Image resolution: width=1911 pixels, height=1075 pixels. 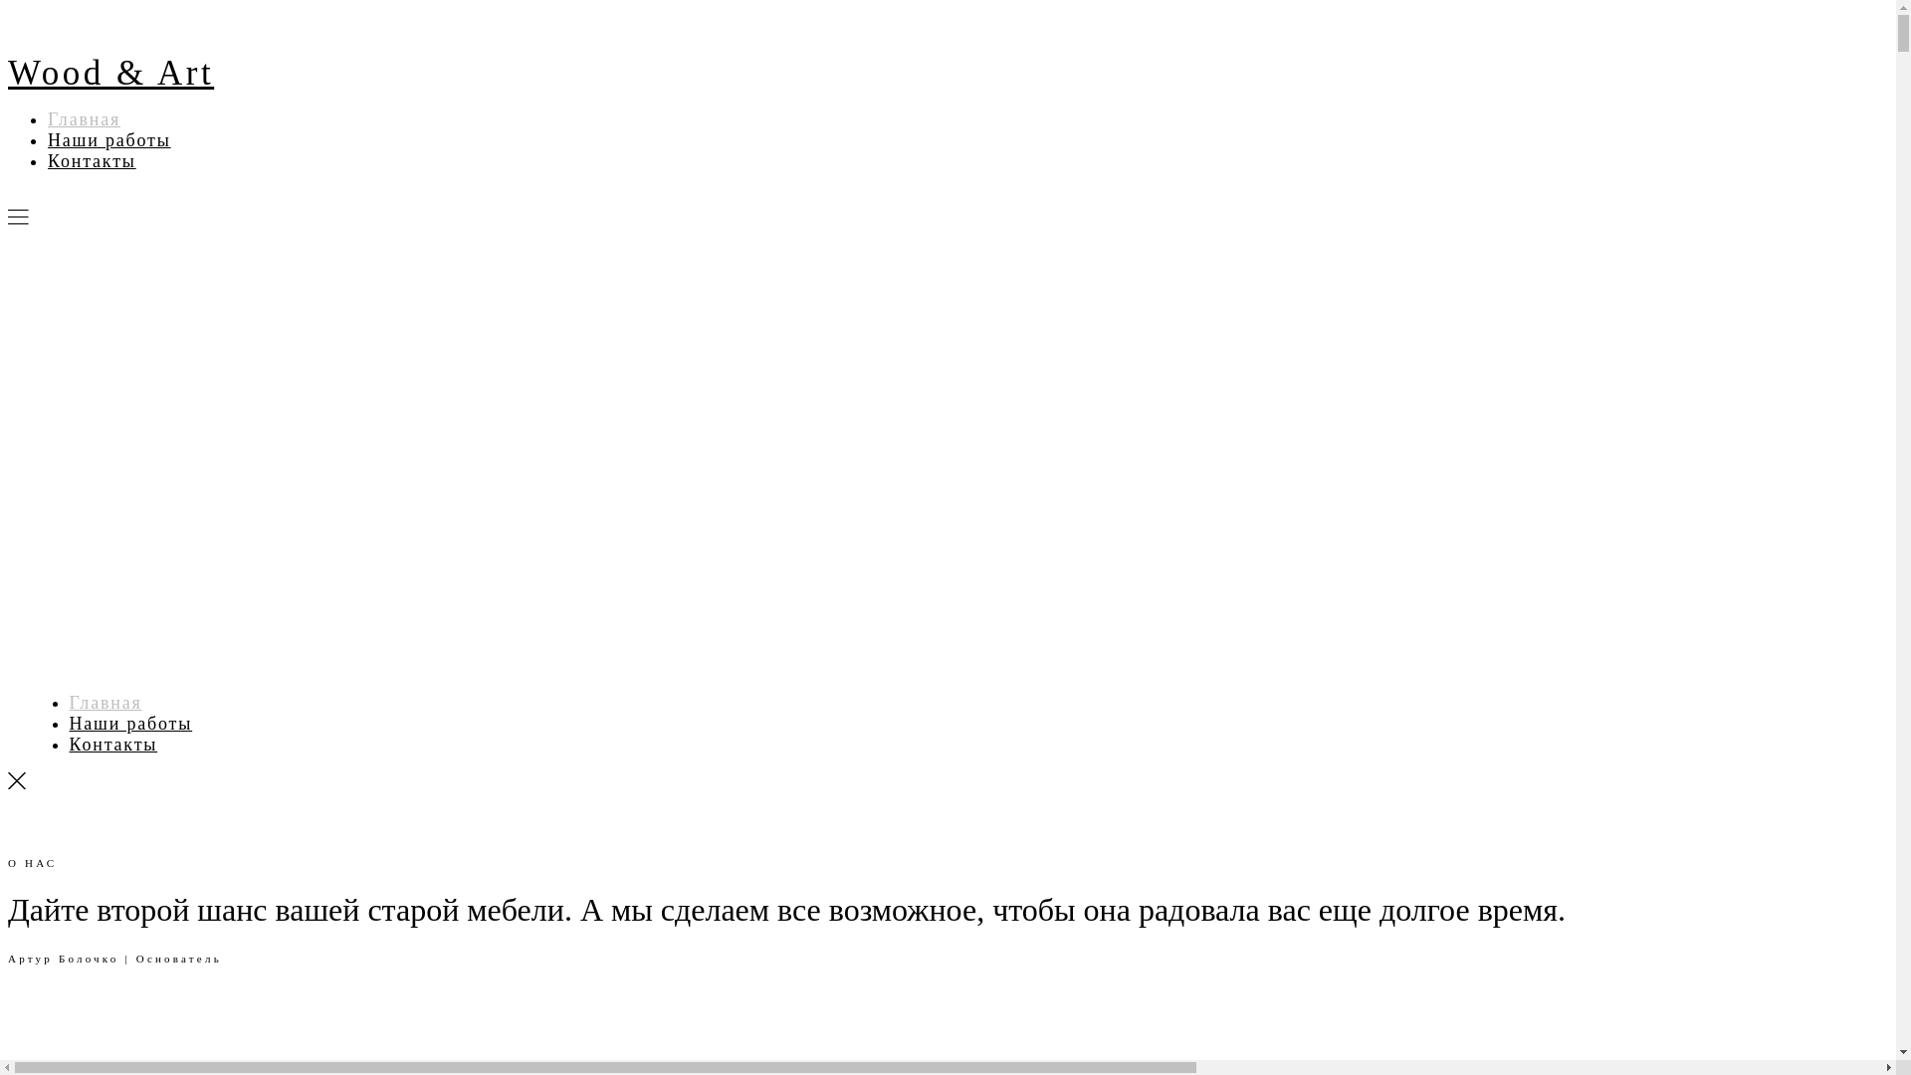 I want to click on 'Wood & Art', so click(x=109, y=72).